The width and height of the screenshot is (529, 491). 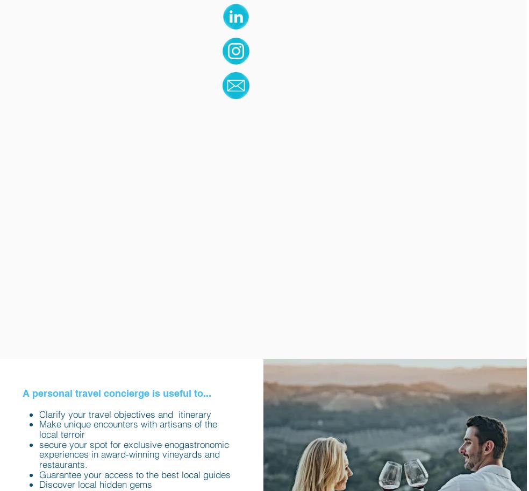 I want to click on 'artisans of the local', so click(x=127, y=429).